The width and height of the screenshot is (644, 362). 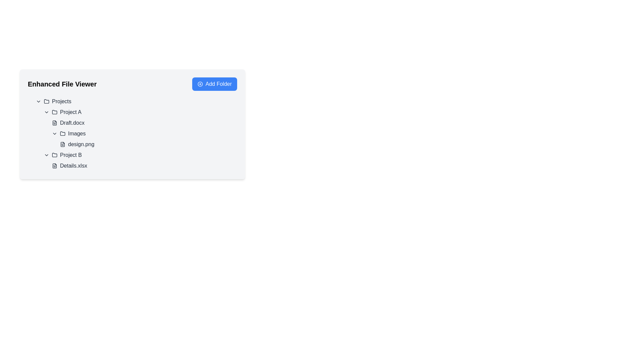 What do you see at coordinates (55, 166) in the screenshot?
I see `the file icon representing a document within the 'Enhanced File Viewer' interface, specifically under the 'Project B' directory` at bounding box center [55, 166].